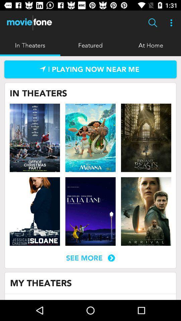 This screenshot has height=321, width=181. I want to click on show page for movie, so click(145, 137).